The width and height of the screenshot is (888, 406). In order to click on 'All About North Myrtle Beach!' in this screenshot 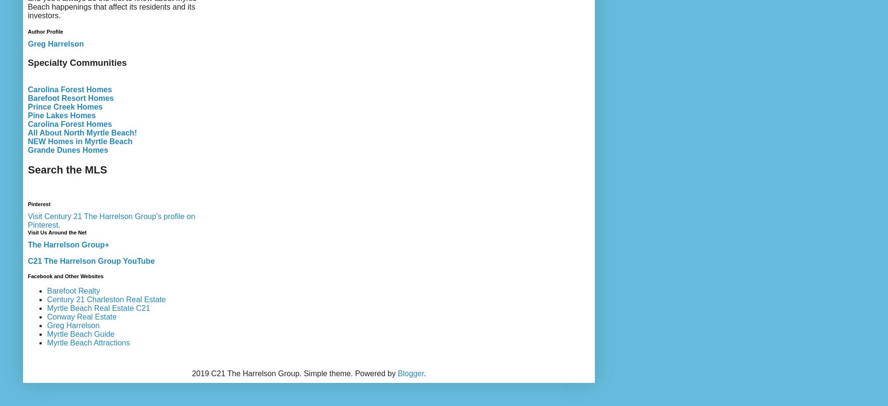, I will do `click(82, 133)`.